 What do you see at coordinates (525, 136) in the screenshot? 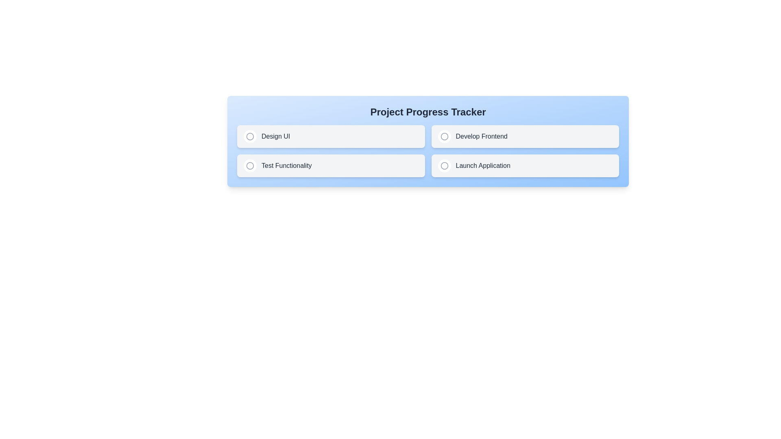
I see `the task chip labeled 'Develop Frontend' to toggle its completion state` at bounding box center [525, 136].